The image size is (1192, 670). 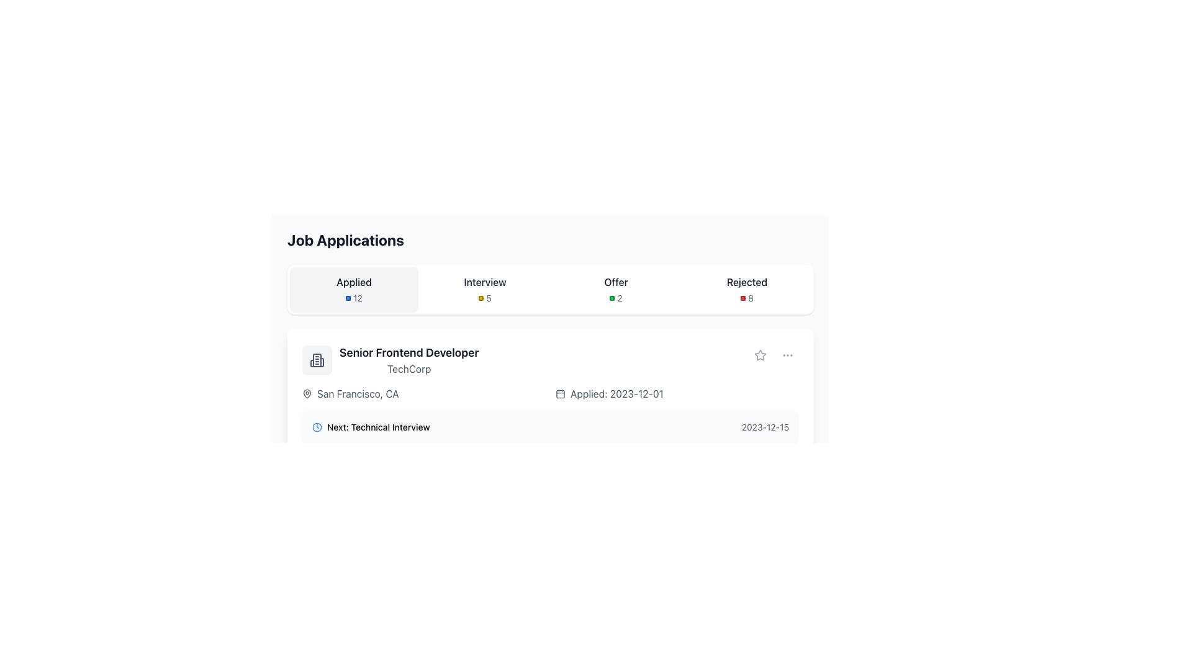 I want to click on numeric value '12' displayed in the text area labeled 'Applied' which is located in the top-left portion of the job applications section, so click(x=353, y=289).